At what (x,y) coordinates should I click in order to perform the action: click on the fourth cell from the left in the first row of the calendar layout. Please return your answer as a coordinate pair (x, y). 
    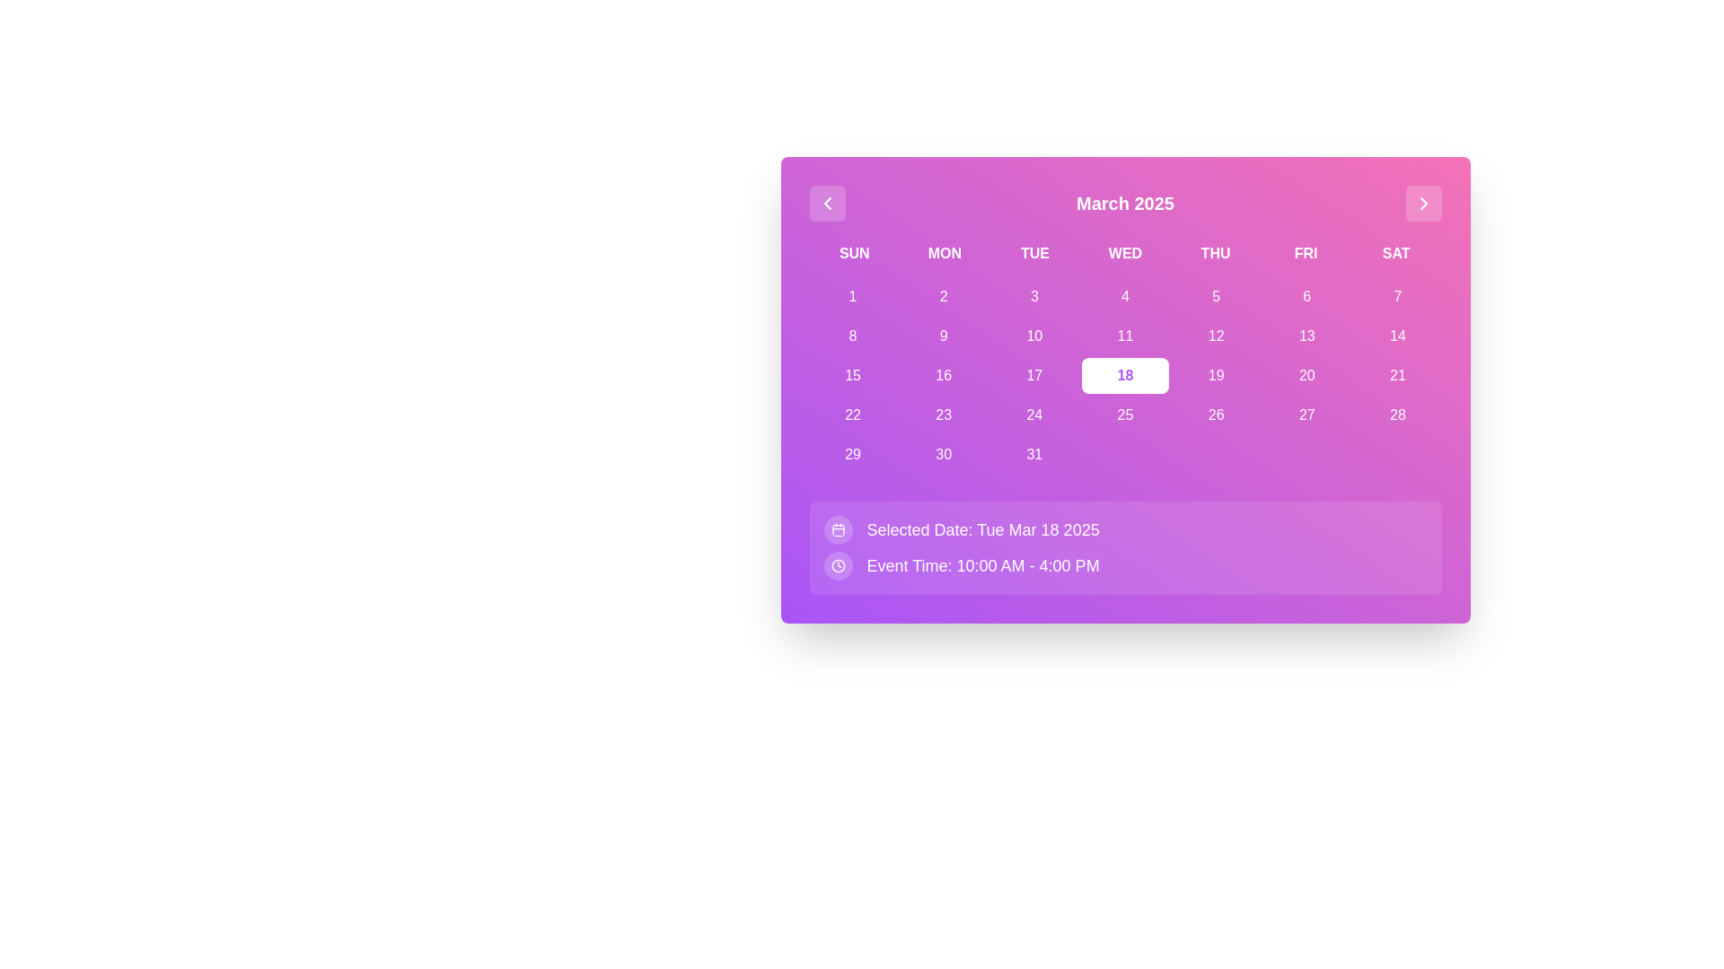
    Looking at the image, I should click on (1124, 296).